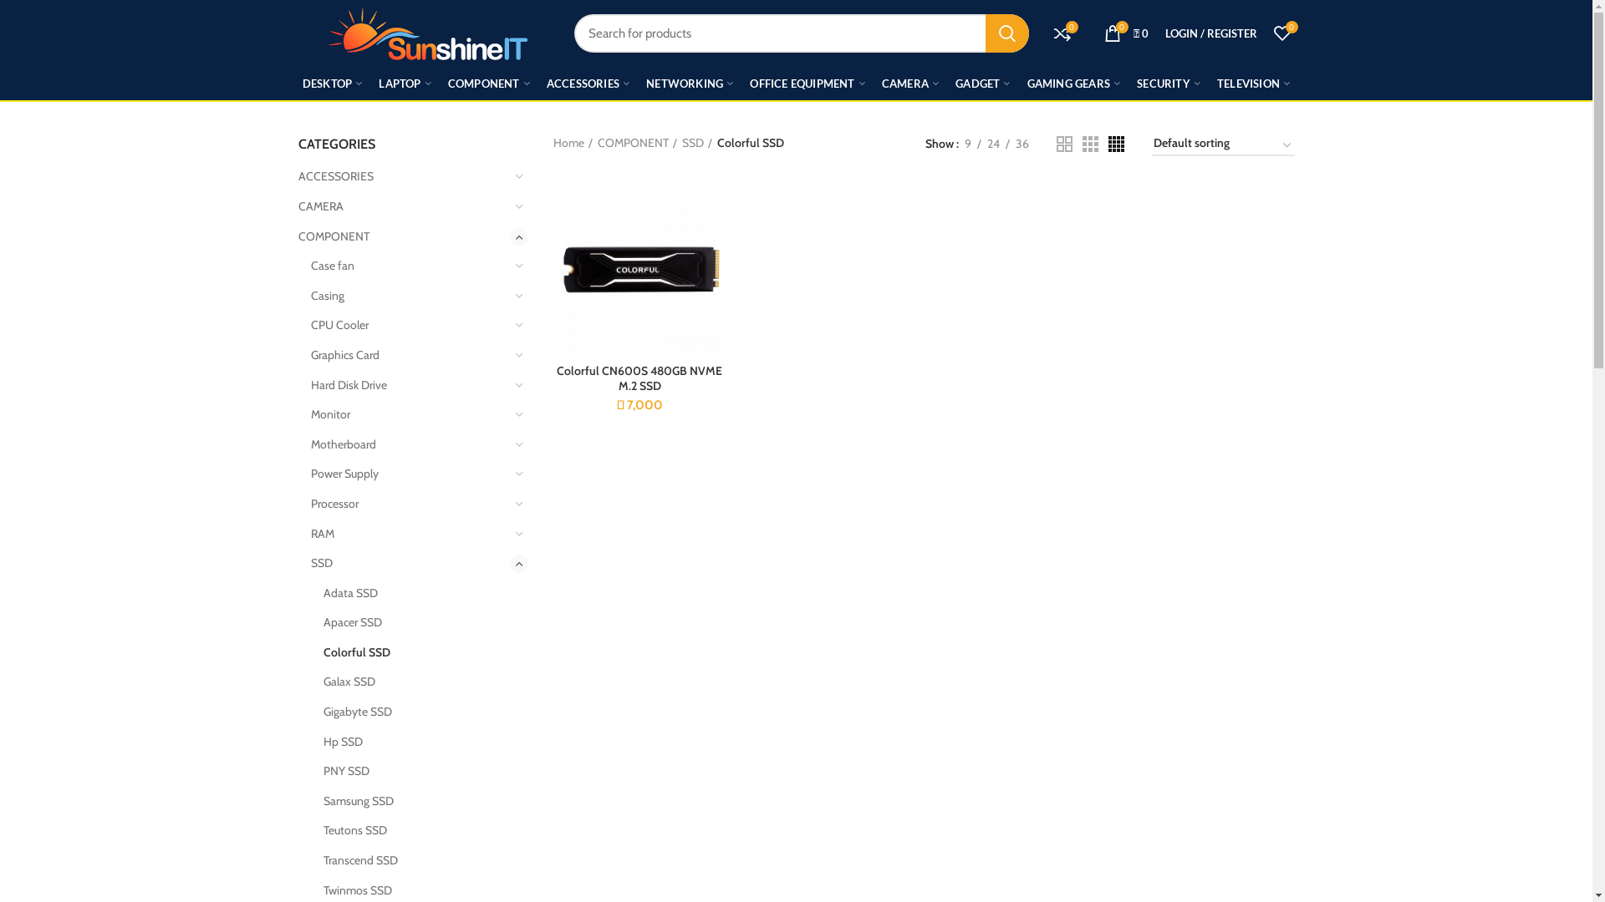 The image size is (1605, 902). Describe the element at coordinates (409, 295) in the screenshot. I see `'Casing'` at that location.